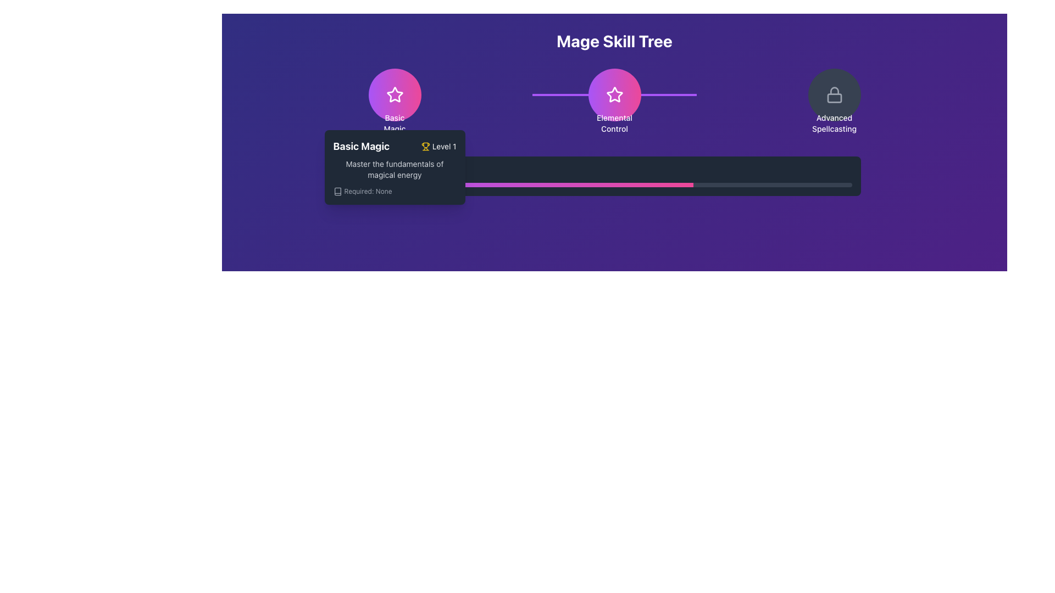 Image resolution: width=1055 pixels, height=593 pixels. What do you see at coordinates (614, 94) in the screenshot?
I see `the white star icon with a rounded stroke outline, which is the focal point of the 'Elemental Control' button` at bounding box center [614, 94].